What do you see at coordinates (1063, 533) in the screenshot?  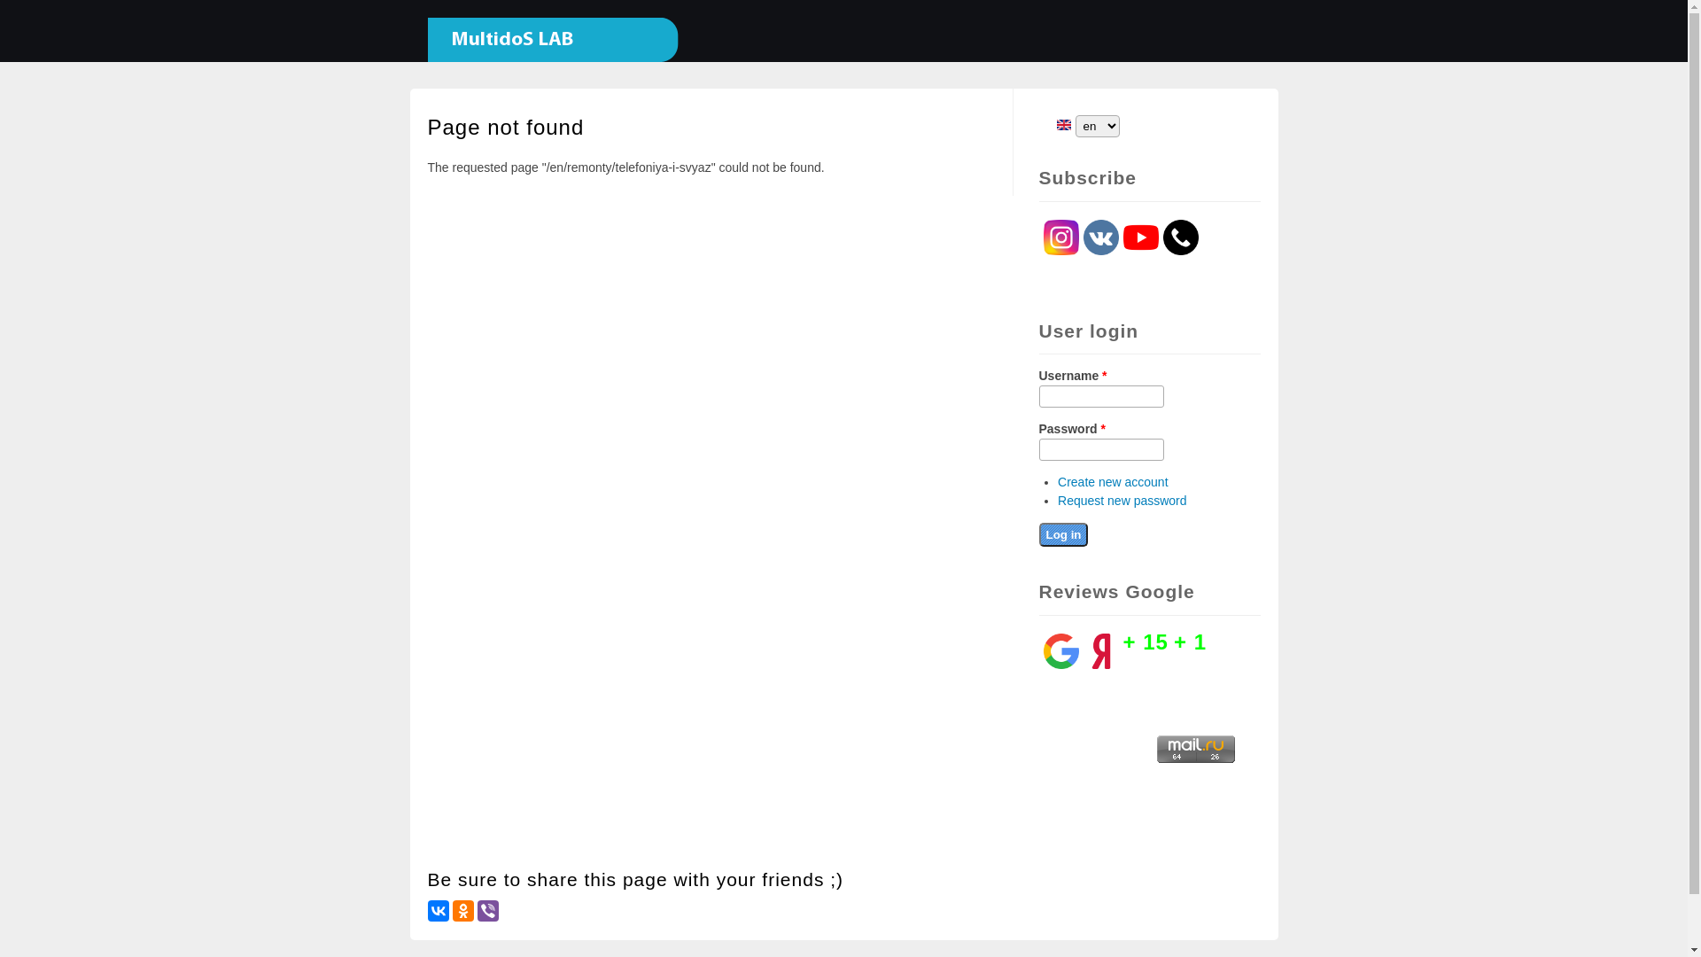 I see `'Log in'` at bounding box center [1063, 533].